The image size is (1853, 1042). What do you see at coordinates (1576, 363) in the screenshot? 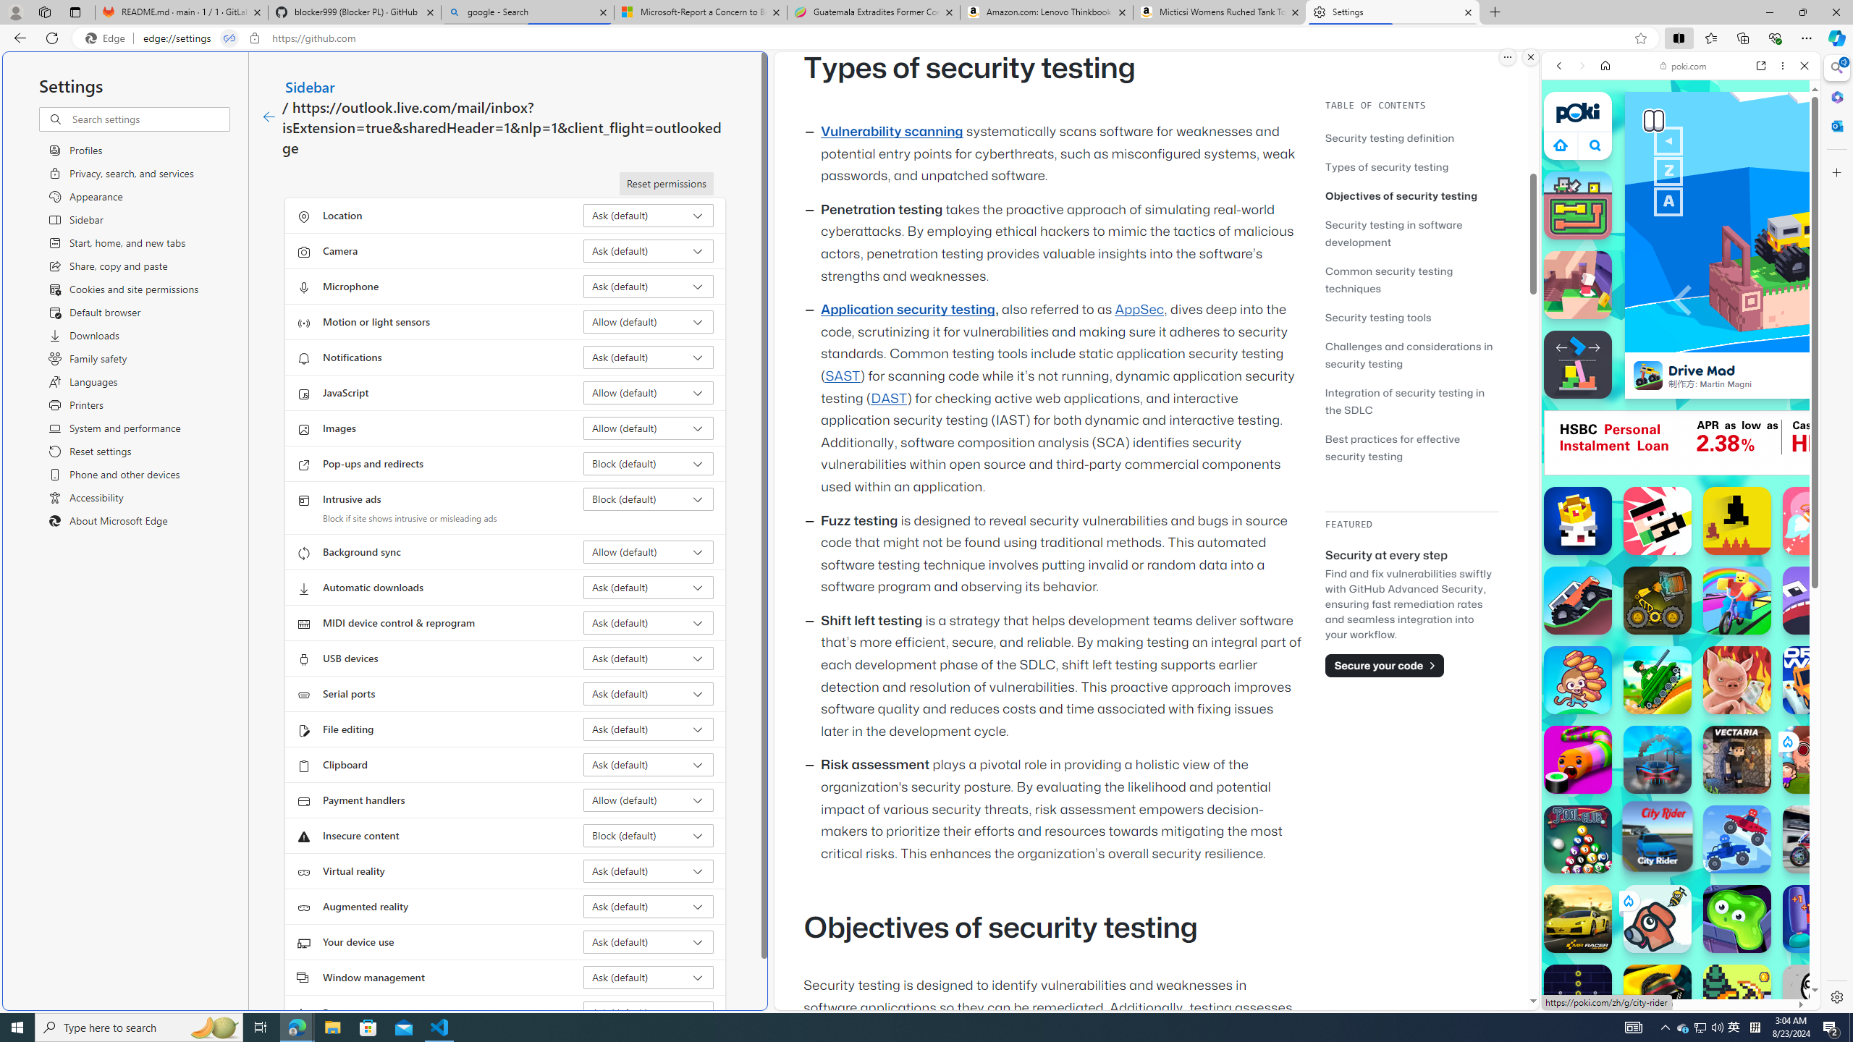
I see `'Stacktris'` at bounding box center [1576, 363].